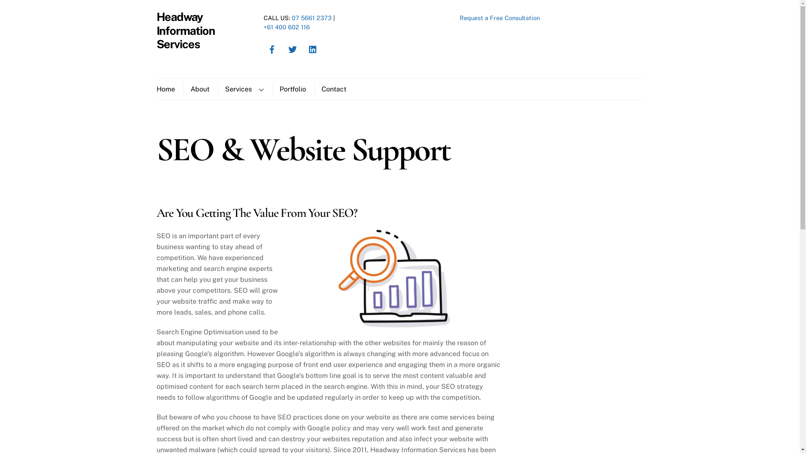 The image size is (806, 453). I want to click on 'About', so click(199, 89).